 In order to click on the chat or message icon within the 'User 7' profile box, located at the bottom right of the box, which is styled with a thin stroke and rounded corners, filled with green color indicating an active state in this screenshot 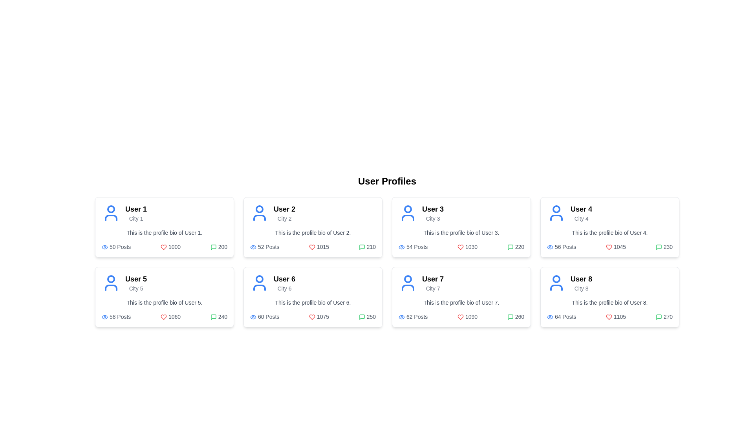, I will do `click(510, 317)`.